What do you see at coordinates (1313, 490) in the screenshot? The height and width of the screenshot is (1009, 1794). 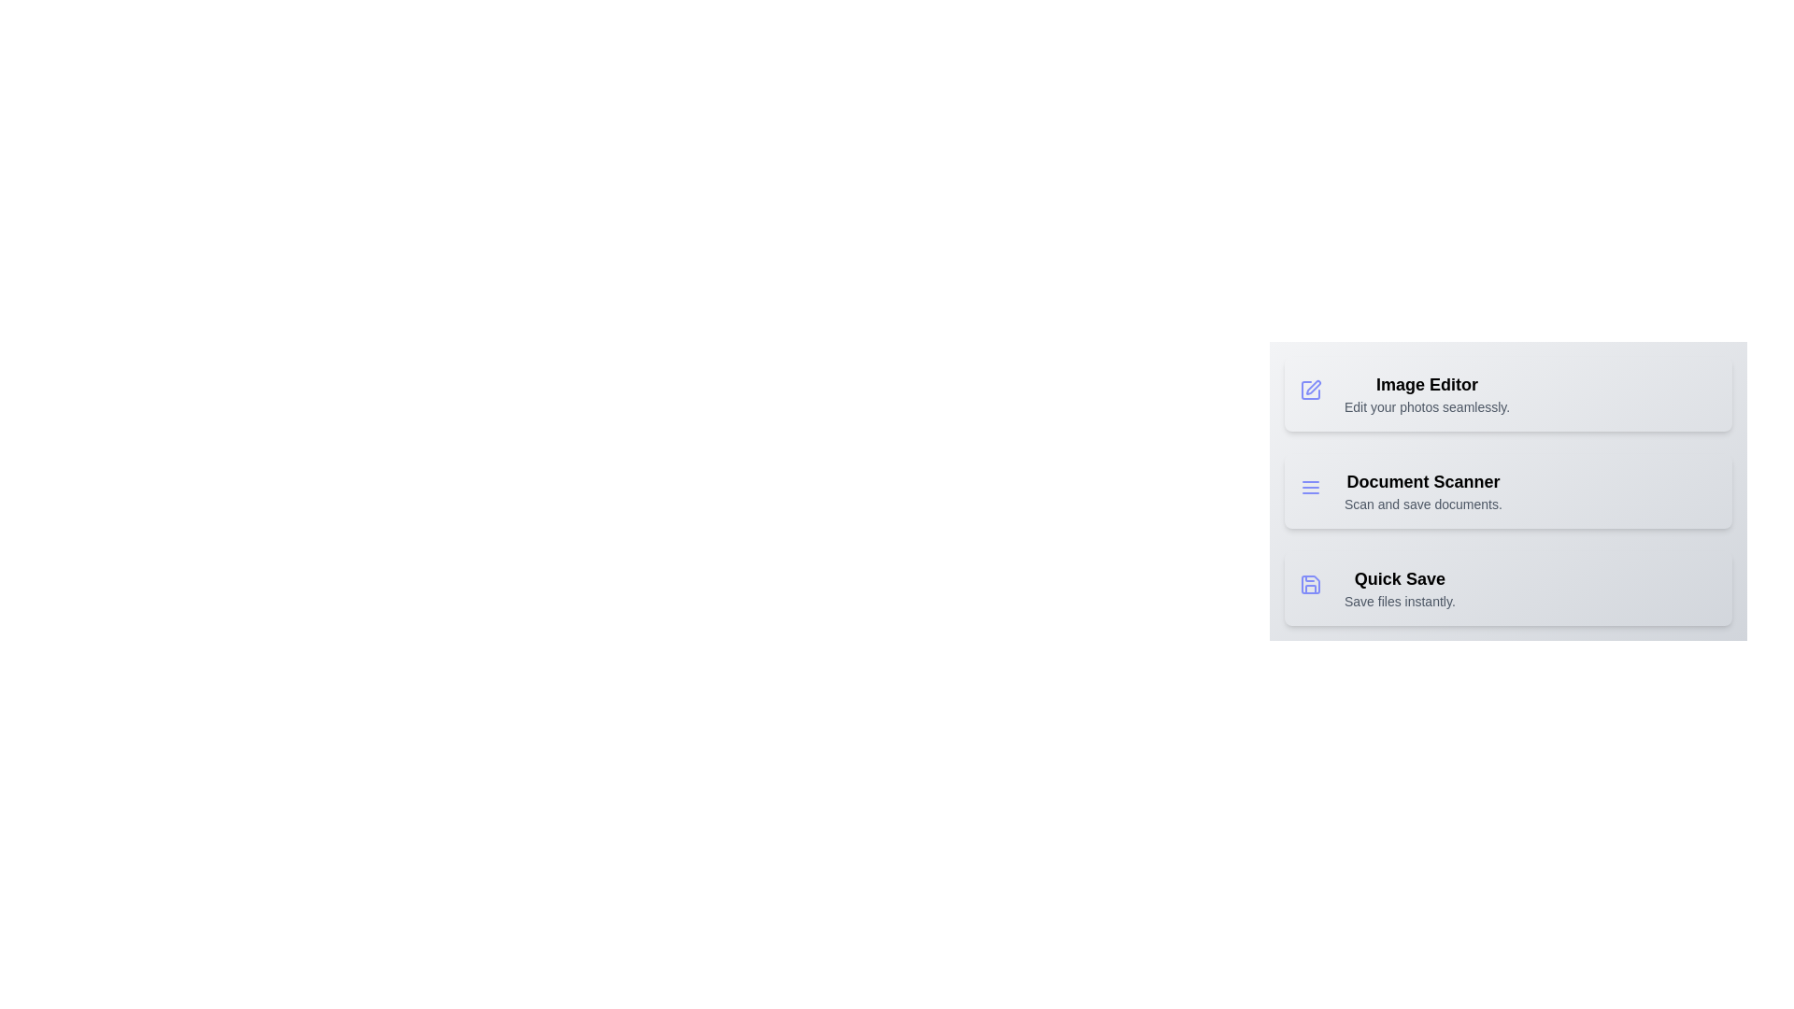 I see `the icon of the item Document Scanner to examine it` at bounding box center [1313, 490].